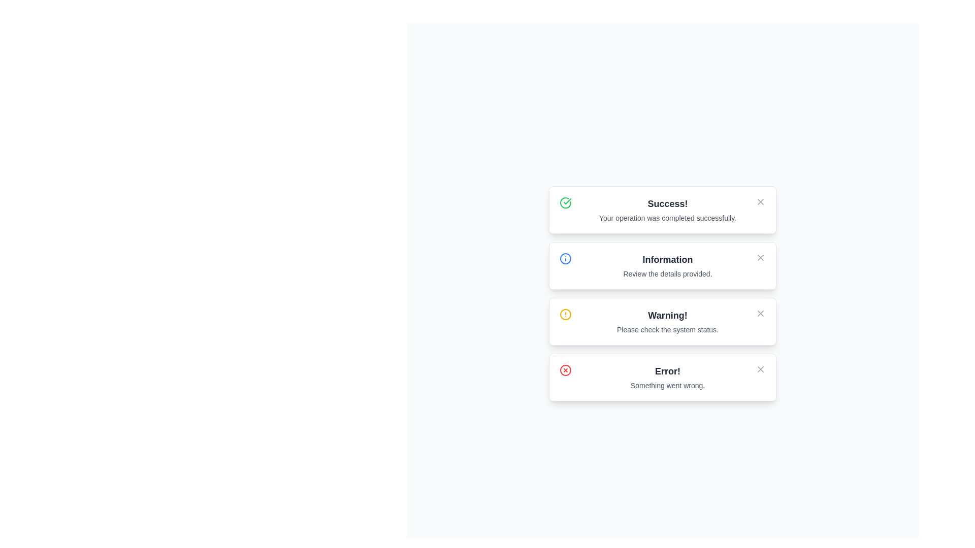 The image size is (975, 548). What do you see at coordinates (760, 201) in the screenshot?
I see `the button located in the top-right corner of the notification card` at bounding box center [760, 201].